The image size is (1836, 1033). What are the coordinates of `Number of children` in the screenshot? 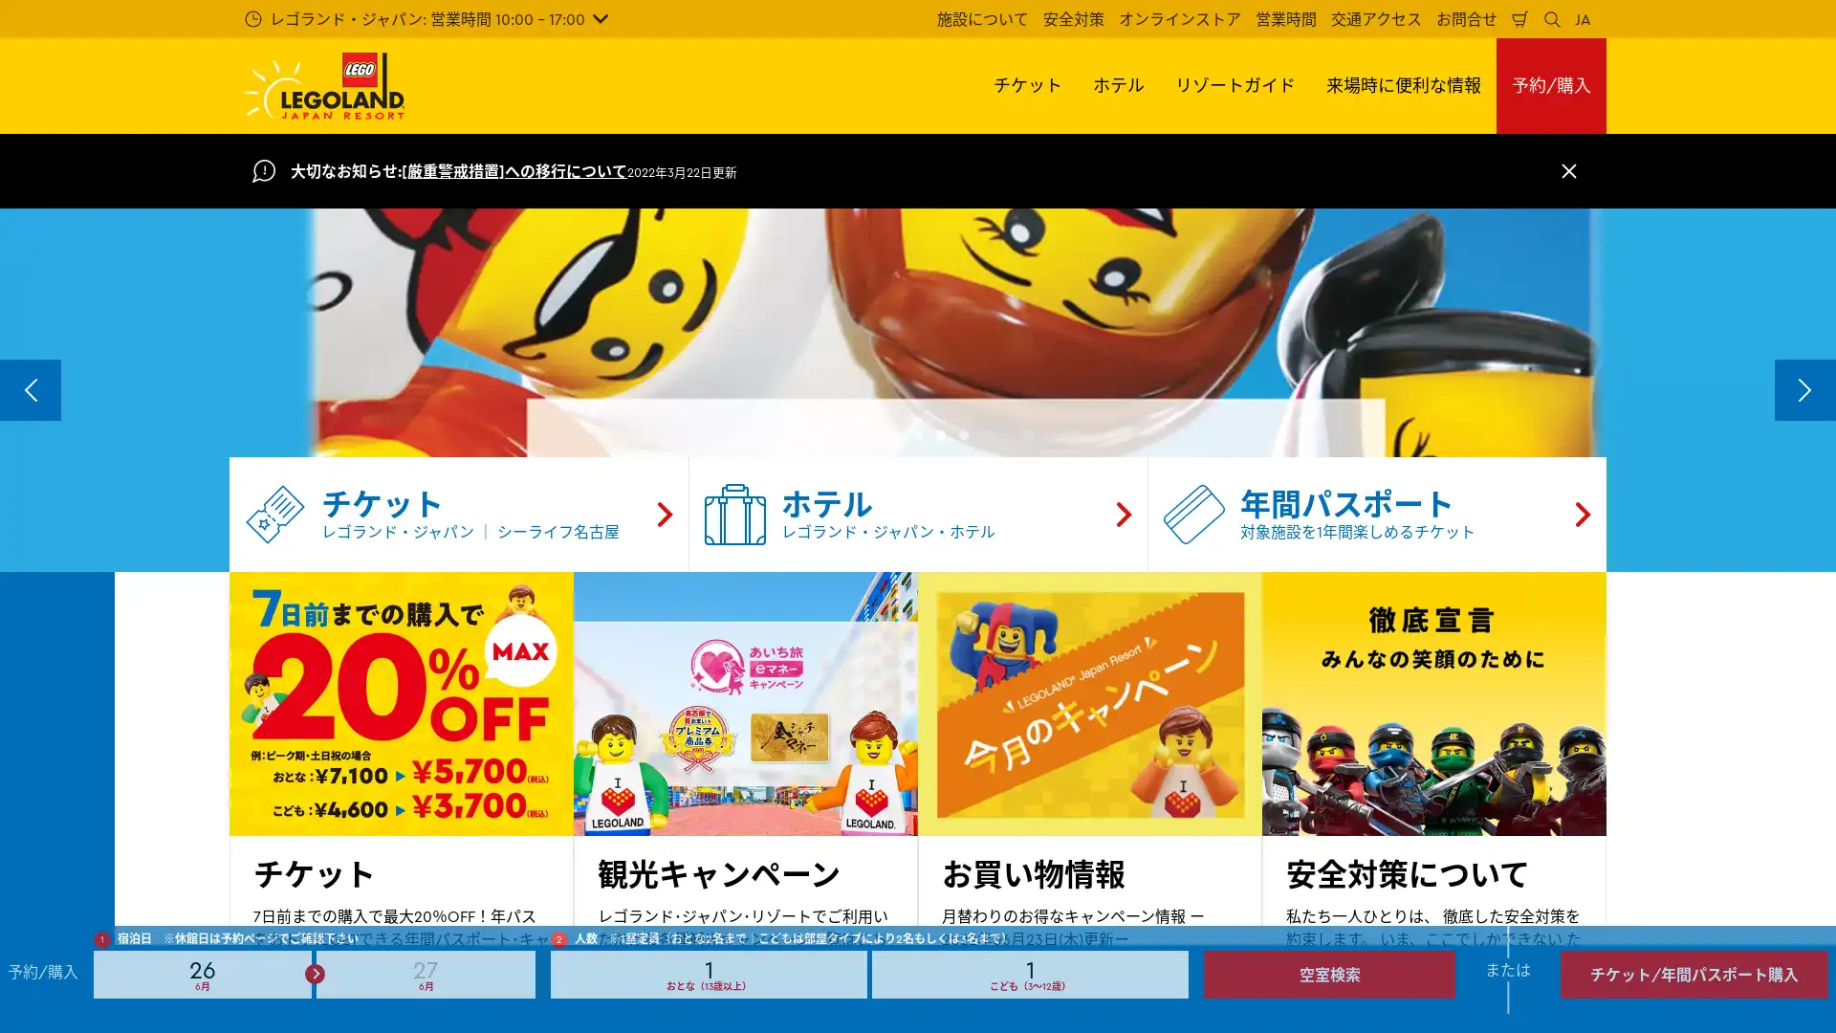 It's located at (1029, 992).